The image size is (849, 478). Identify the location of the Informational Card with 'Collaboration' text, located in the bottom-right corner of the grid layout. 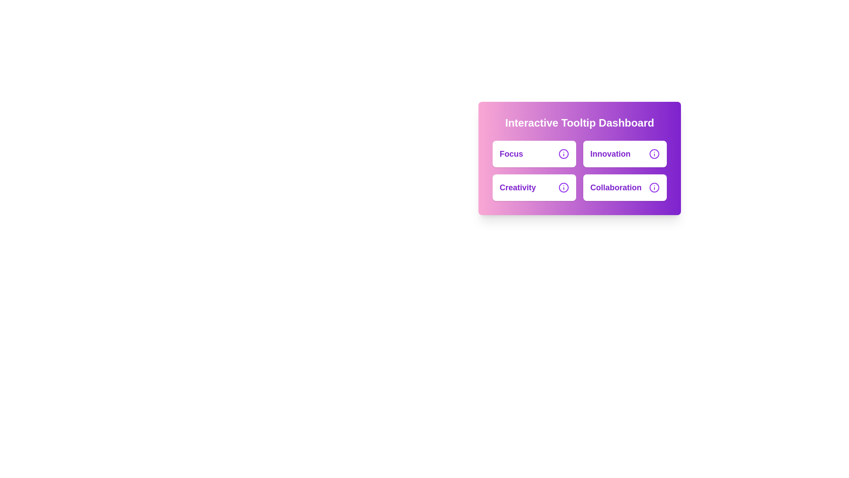
(624, 187).